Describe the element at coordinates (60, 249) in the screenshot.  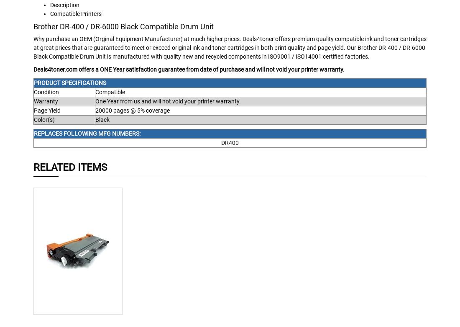
I see `'Add To Cart'` at that location.